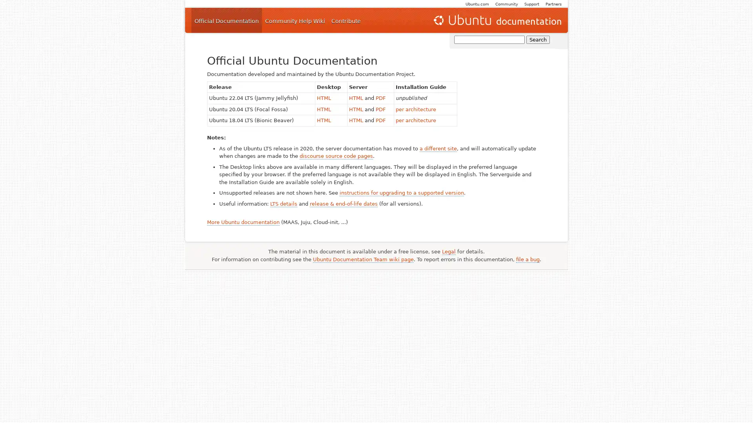 The image size is (753, 423). What do you see at coordinates (538, 40) in the screenshot?
I see `Search` at bounding box center [538, 40].